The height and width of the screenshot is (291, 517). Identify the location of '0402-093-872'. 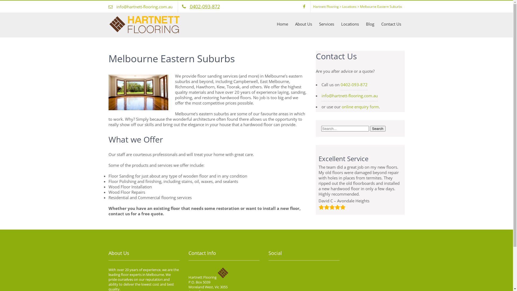
(354, 85).